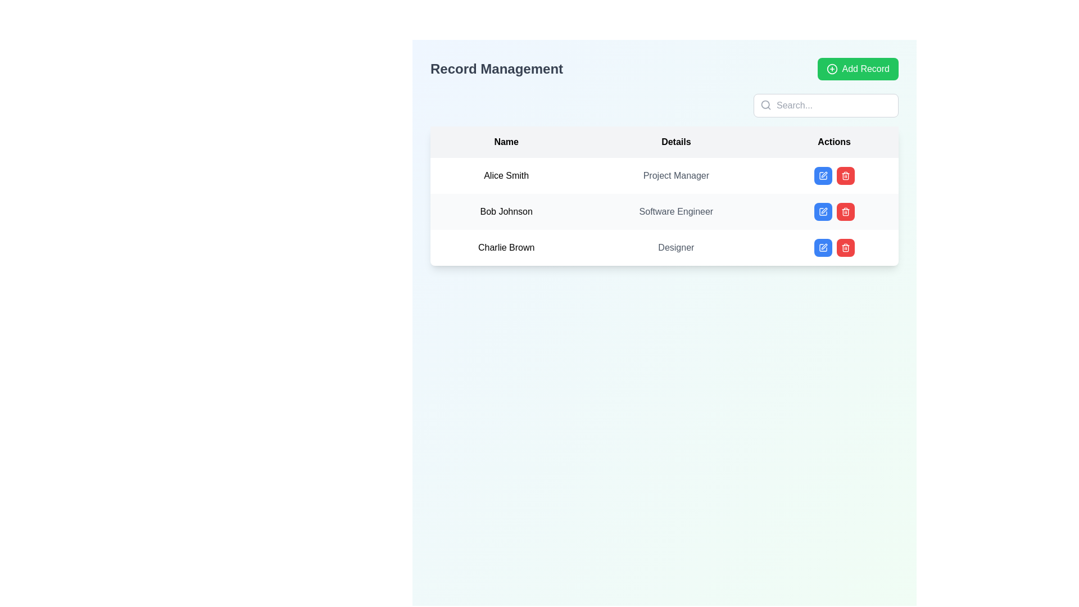 The image size is (1079, 607). Describe the element at coordinates (845, 247) in the screenshot. I see `the red rectangular button with a trash can icon in the 'Actions' column of the 'Charlie Brown - Designer' row` at that location.